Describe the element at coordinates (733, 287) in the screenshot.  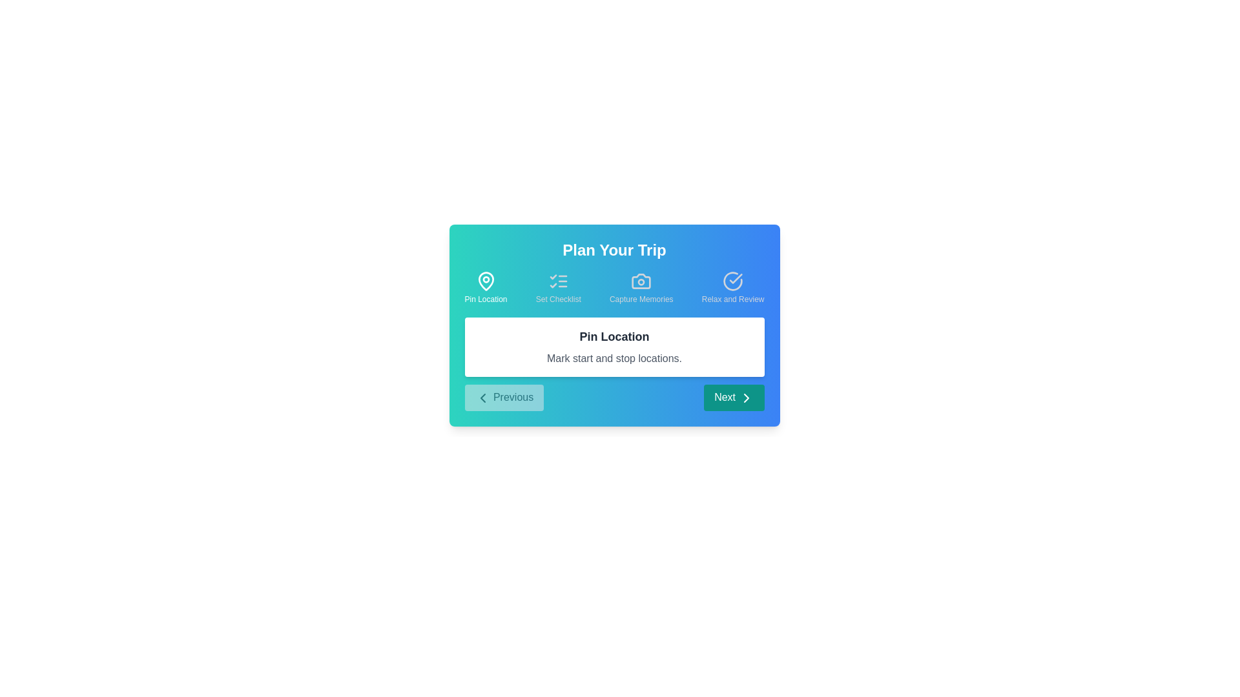
I see `the step icon corresponding to Relax and Review` at that location.